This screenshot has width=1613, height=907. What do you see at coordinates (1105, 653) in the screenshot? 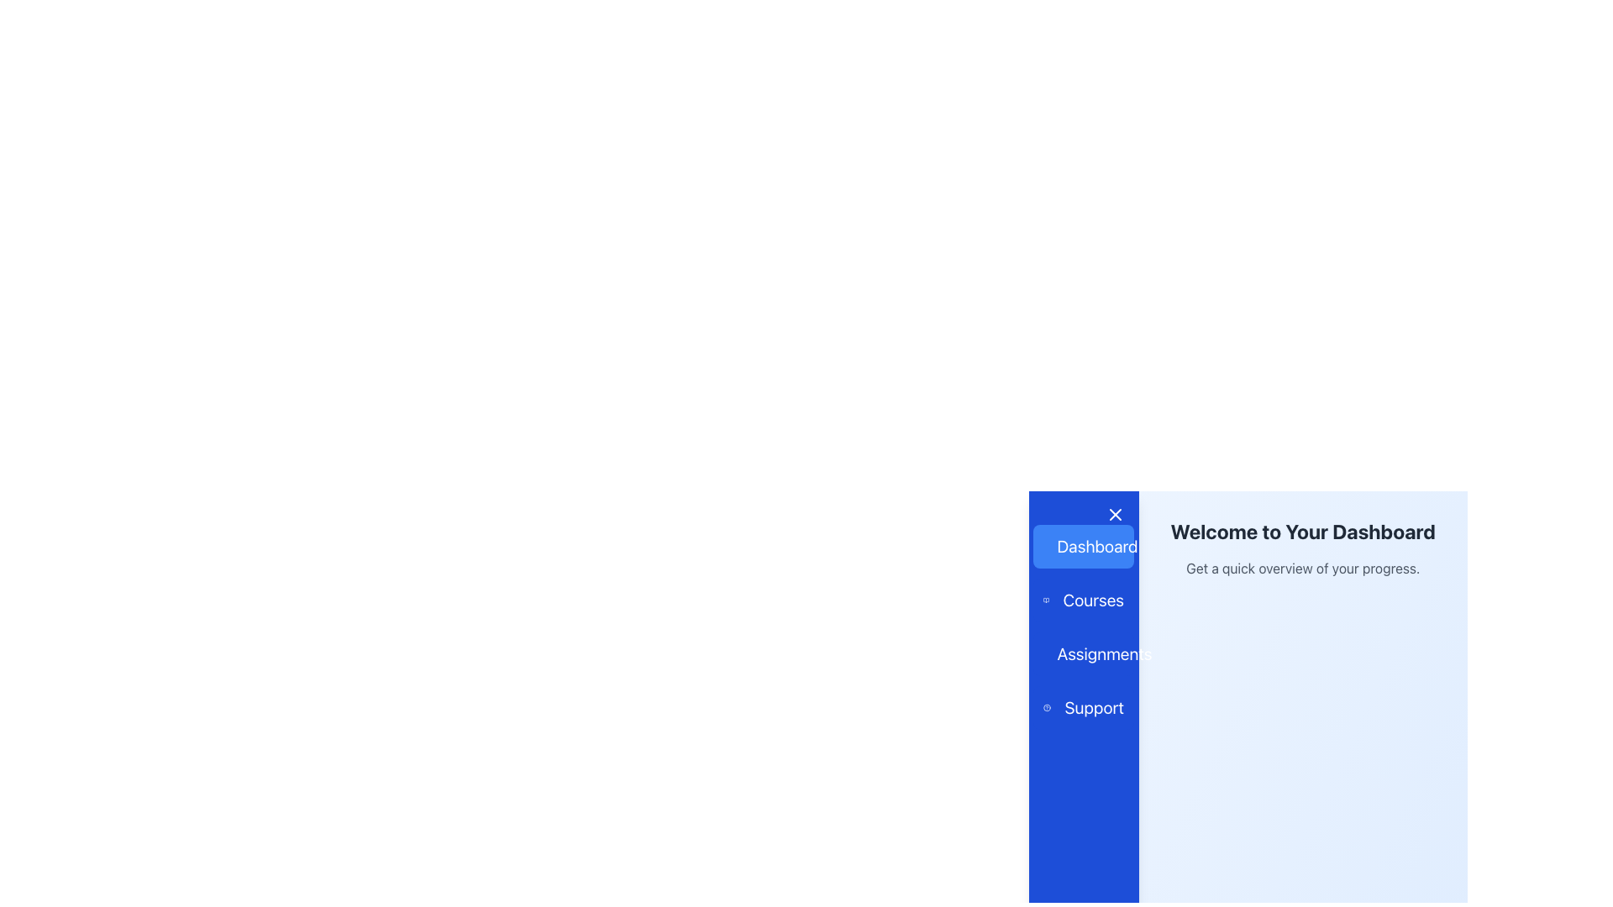
I see `the 'Assignments' text label in the blue sidebar menu` at bounding box center [1105, 653].